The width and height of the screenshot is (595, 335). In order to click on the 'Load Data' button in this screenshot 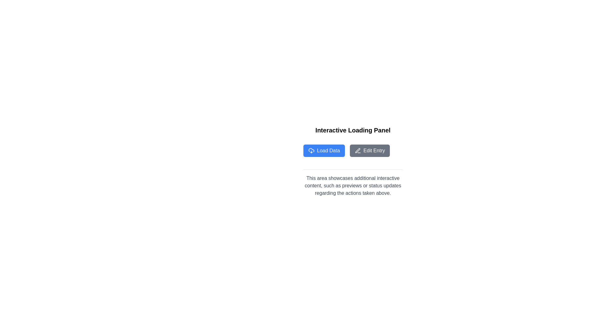, I will do `click(324, 151)`.